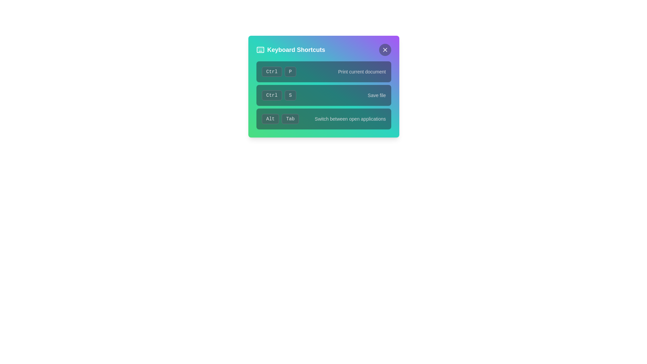 The height and width of the screenshot is (364, 647). Describe the element at coordinates (323, 119) in the screenshot. I see `the descriptive text 'Switch between open applications' in the Keyboard Shortcut Display, which consists of 'Alt' and 'Tab' buttons with a gray background` at that location.